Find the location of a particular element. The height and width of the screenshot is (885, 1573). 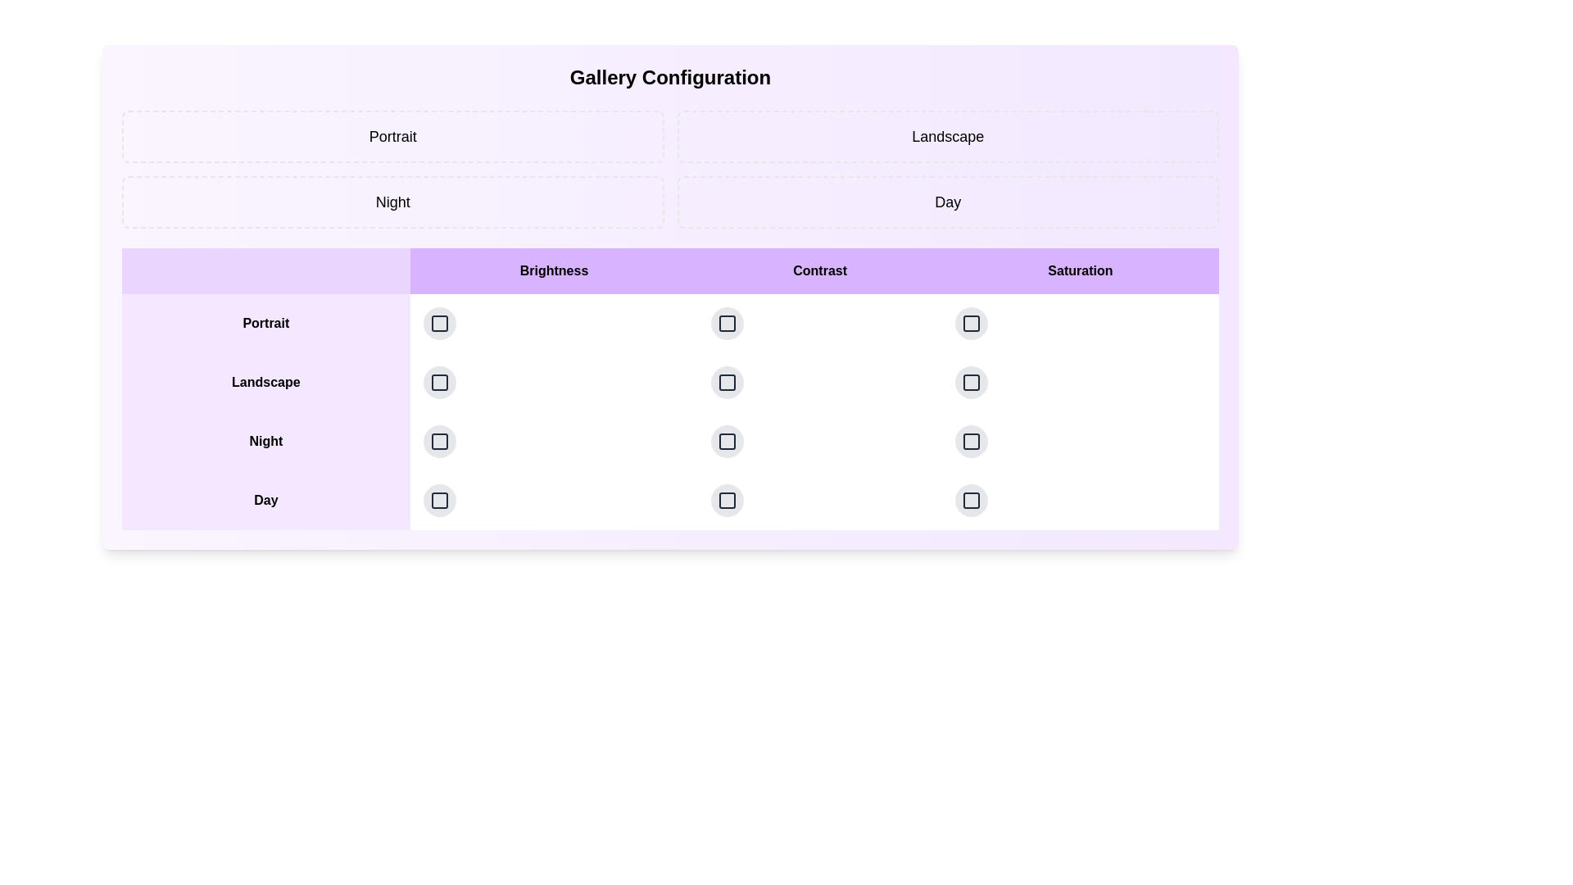

the checkbox under the 'Saturation' column in the 'Contrast' row is located at coordinates (971, 323).